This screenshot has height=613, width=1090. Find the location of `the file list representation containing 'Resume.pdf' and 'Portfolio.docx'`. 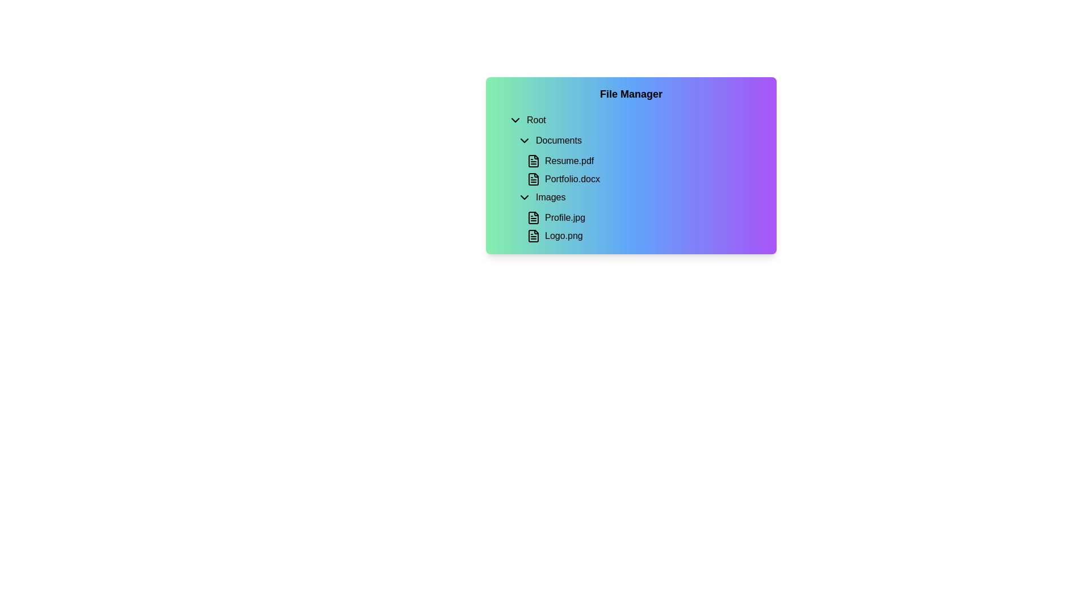

the file list representation containing 'Resume.pdf' and 'Portfolio.docx' is located at coordinates (640, 170).